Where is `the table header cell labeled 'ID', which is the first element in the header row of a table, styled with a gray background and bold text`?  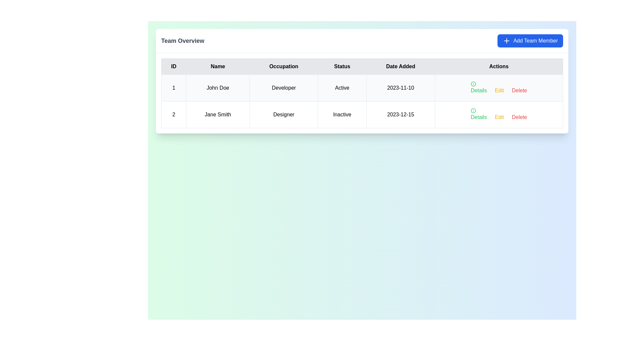
the table header cell labeled 'ID', which is the first element in the header row of a table, styled with a gray background and bold text is located at coordinates (174, 66).